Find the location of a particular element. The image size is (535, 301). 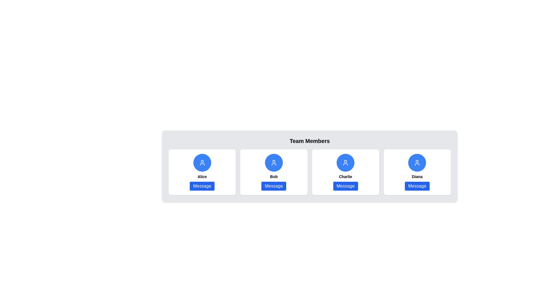

the Profile Icon element, which is a circular icon with a blue background and white user silhouette, located above the user name 'Charlie' in the third card of four user profile cards is located at coordinates (345, 162).